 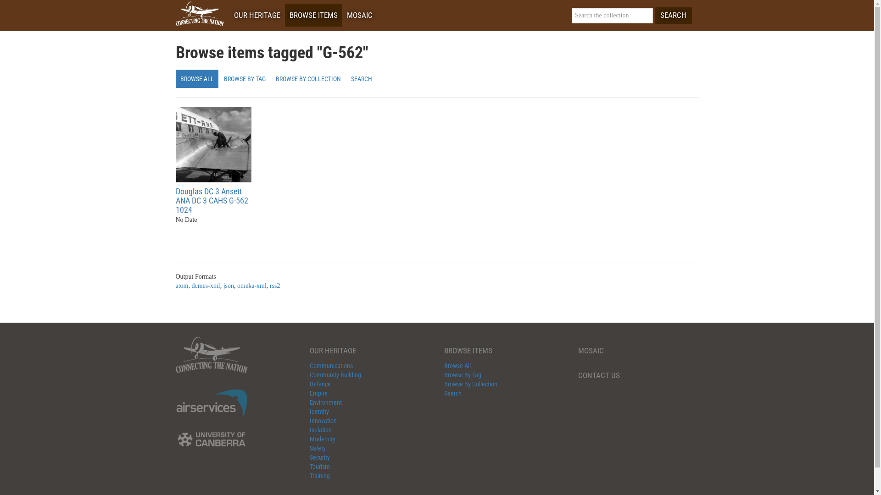 What do you see at coordinates (308, 78) in the screenshot?
I see `'BROWSE BY COLLECTION'` at bounding box center [308, 78].